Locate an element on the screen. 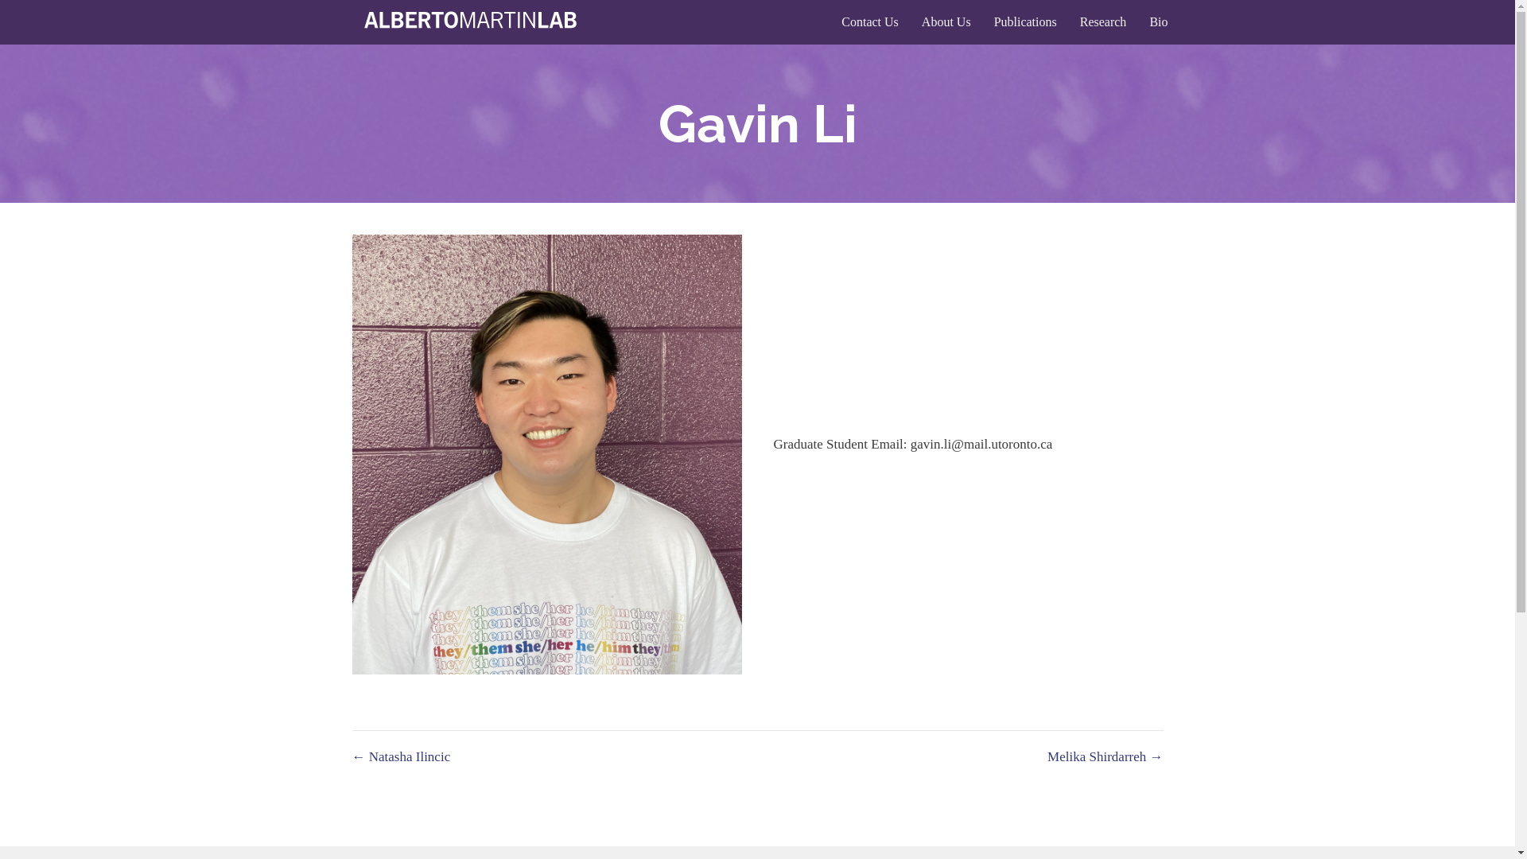 This screenshot has width=1527, height=859. 'Tittologo' is located at coordinates (472, 22).